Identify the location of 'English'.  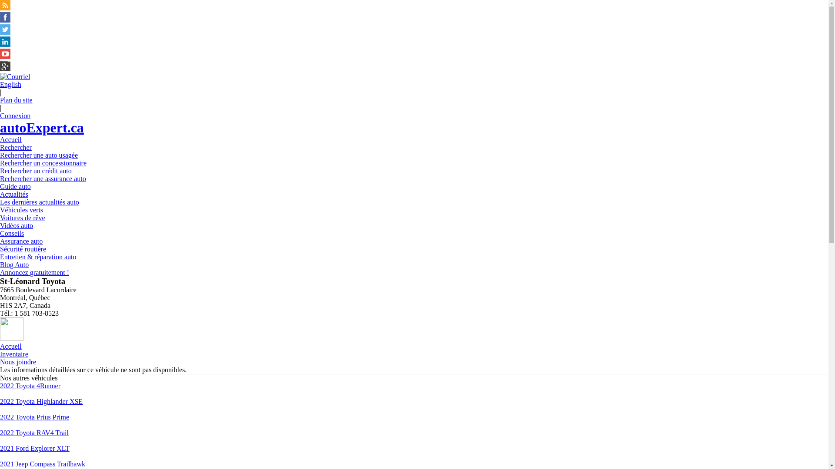
(0, 84).